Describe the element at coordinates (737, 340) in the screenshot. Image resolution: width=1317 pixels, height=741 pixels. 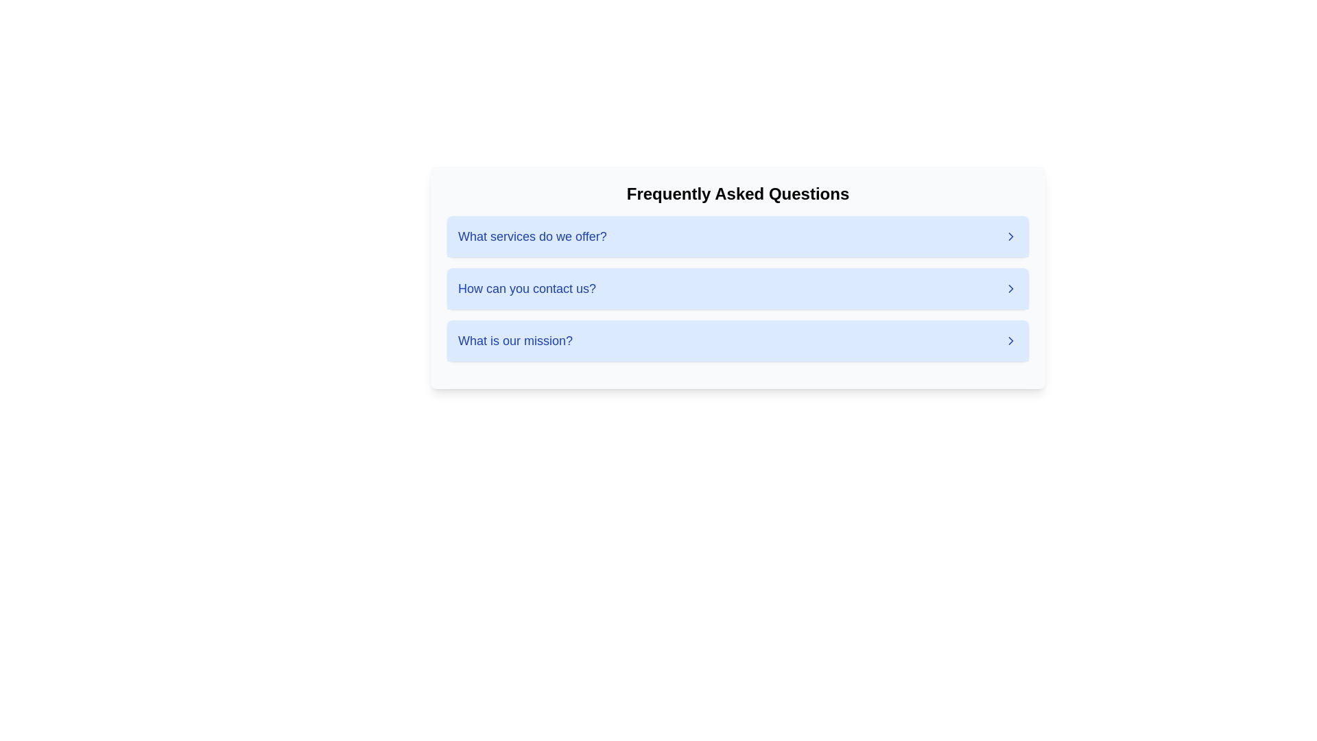
I see `the Collapsible question item labeled 'What is our mission?'` at that location.